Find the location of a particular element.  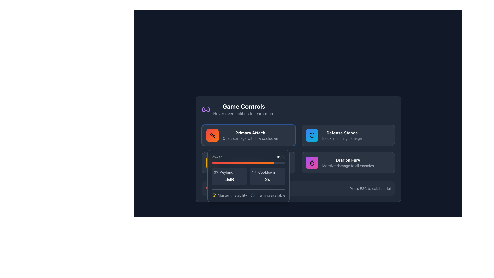

text from the Text Label that describes the keybinding information, located above the 'LMB' label and next to the target icon is located at coordinates (226, 172).